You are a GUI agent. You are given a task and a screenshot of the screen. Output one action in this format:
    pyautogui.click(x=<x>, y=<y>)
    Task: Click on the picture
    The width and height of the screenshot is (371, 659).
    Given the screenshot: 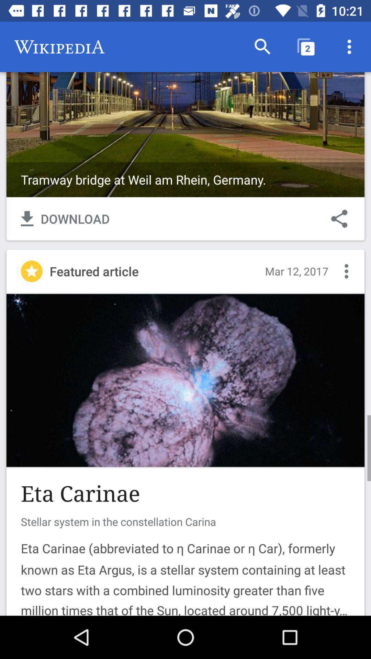 What is the action you would take?
    pyautogui.click(x=185, y=380)
    